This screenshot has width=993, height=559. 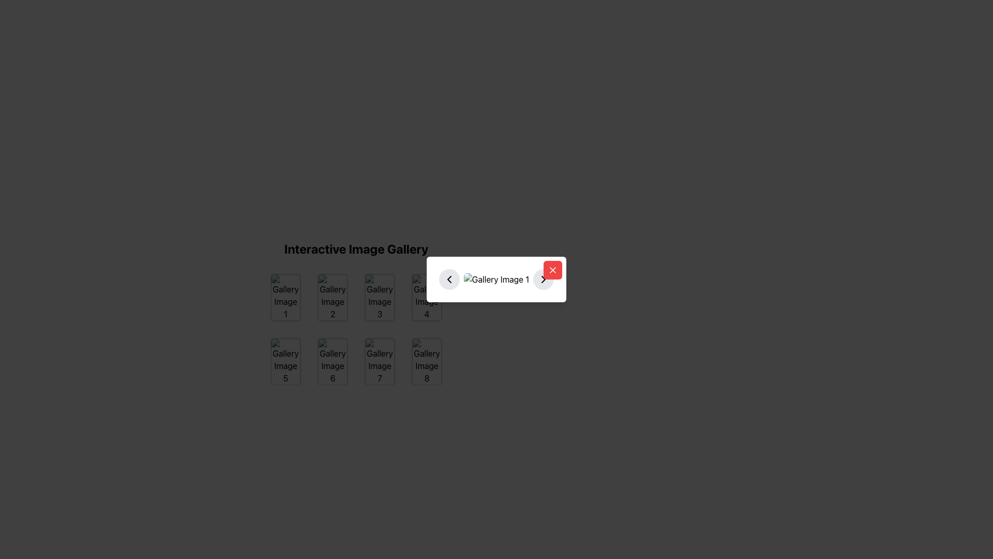 I want to click on the image thumbnail located, so click(x=333, y=361).